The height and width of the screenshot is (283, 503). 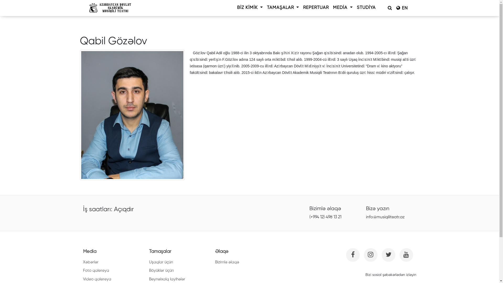 What do you see at coordinates (96, 270) in the screenshot?
I see `'Foto qalereya'` at bounding box center [96, 270].